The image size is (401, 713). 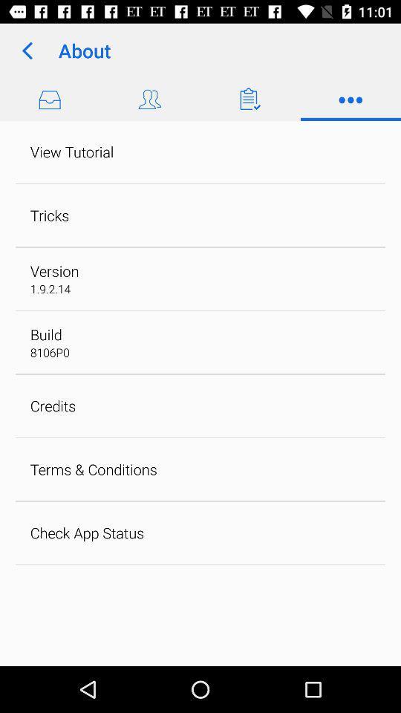 What do you see at coordinates (50, 288) in the screenshot?
I see `1 9 2 app` at bounding box center [50, 288].